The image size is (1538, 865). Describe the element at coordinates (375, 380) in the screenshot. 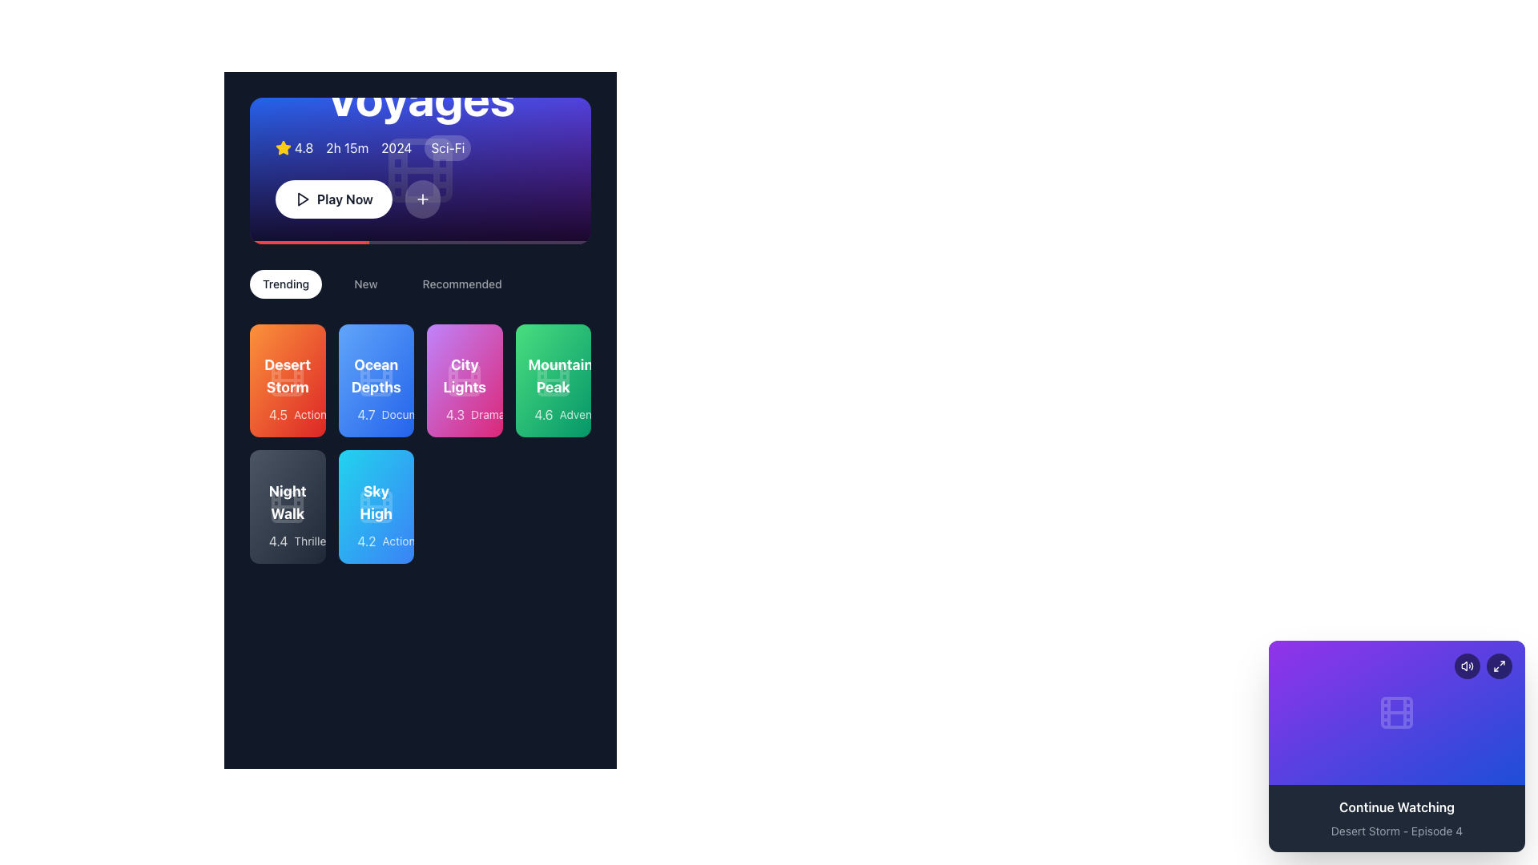

I see `the second movie card` at that location.